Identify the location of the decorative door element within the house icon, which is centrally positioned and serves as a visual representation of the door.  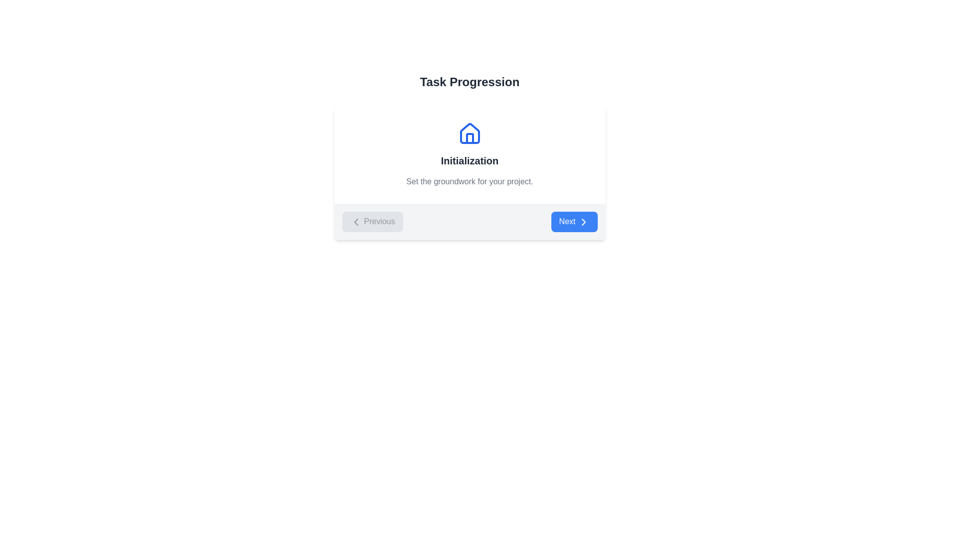
(469, 138).